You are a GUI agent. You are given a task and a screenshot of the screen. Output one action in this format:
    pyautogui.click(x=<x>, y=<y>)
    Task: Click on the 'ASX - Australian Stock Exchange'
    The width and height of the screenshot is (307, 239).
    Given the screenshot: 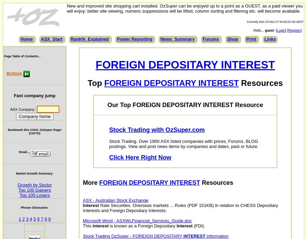 What is the action you would take?
    pyautogui.click(x=116, y=200)
    